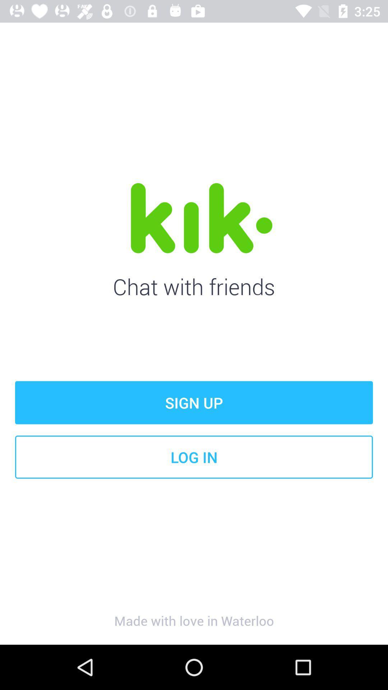  Describe the element at coordinates (194, 457) in the screenshot. I see `item above the made with love icon` at that location.